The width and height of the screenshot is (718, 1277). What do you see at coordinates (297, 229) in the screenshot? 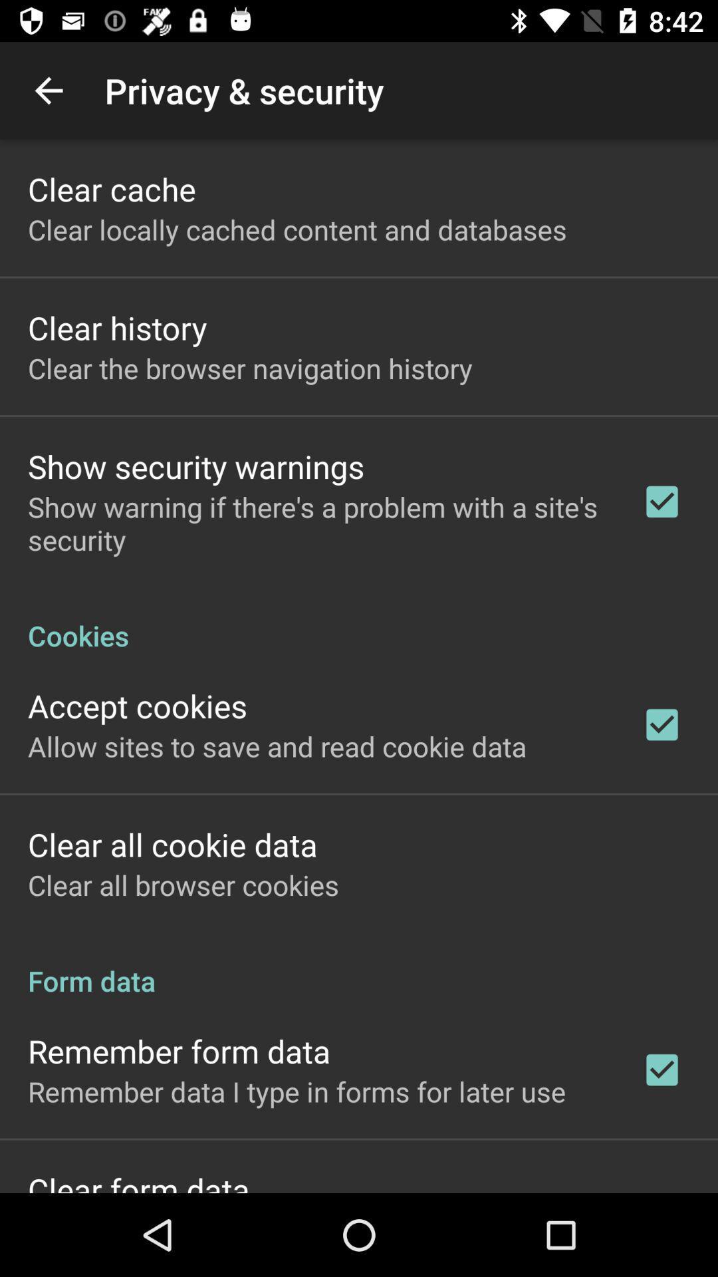
I see `the clear locally cached icon` at bounding box center [297, 229].